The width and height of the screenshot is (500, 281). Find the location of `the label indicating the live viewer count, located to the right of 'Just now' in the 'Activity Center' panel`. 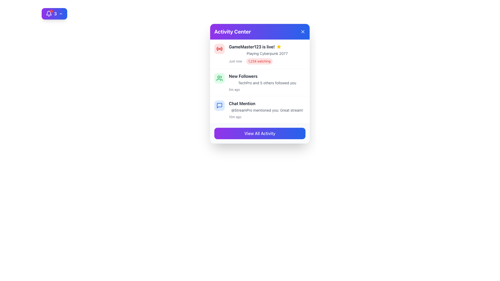

the label indicating the live viewer count, located to the right of 'Just now' in the 'Activity Center' panel is located at coordinates (259, 61).